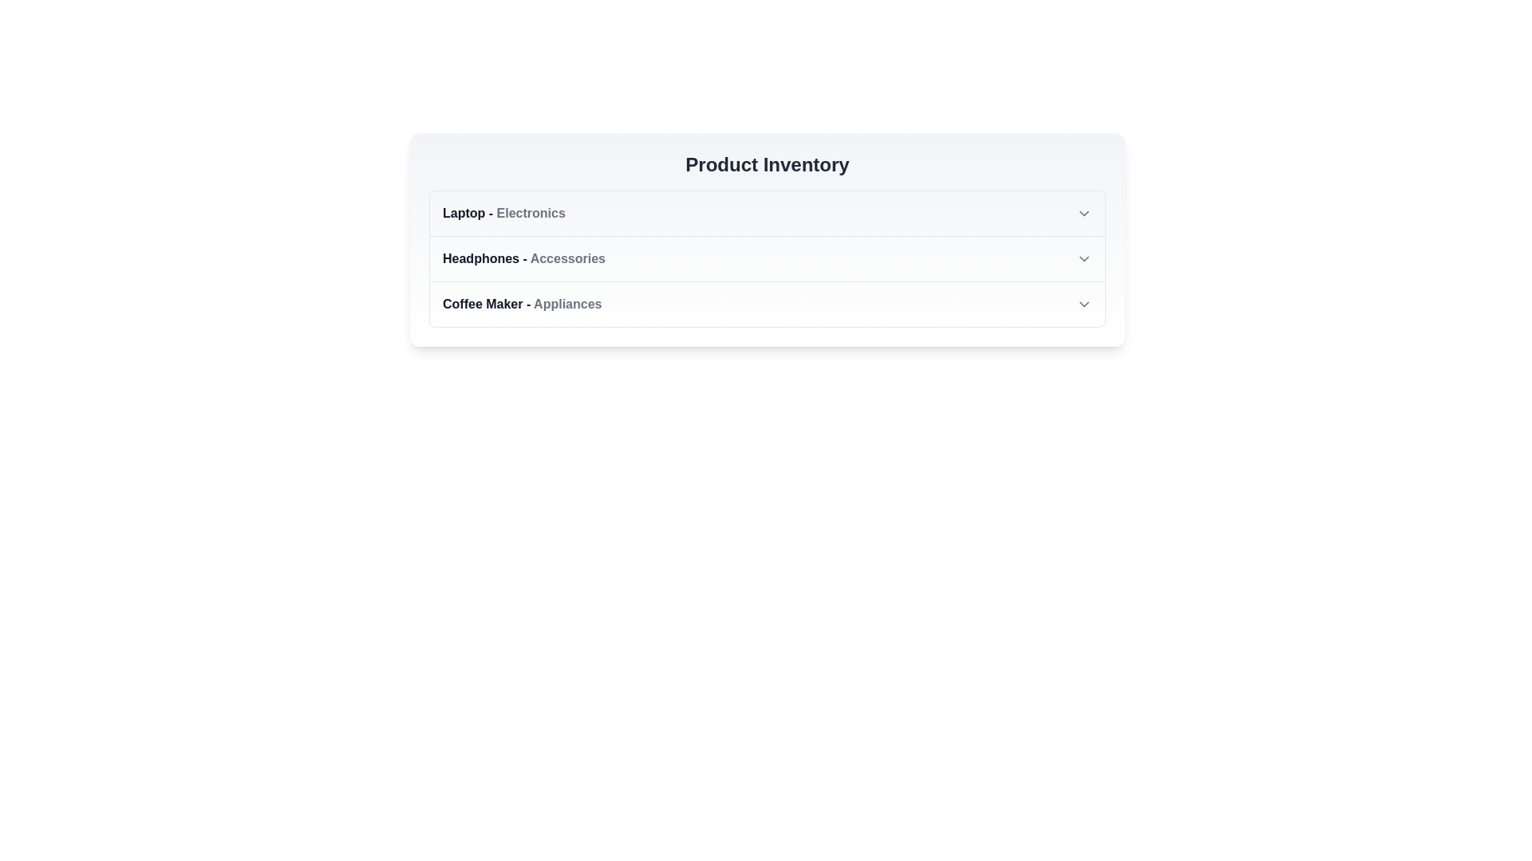 The width and height of the screenshot is (1532, 861). I want to click on the chevron icon to expand or collapse the row for Coffee Maker - Appliances, so click(1084, 304).